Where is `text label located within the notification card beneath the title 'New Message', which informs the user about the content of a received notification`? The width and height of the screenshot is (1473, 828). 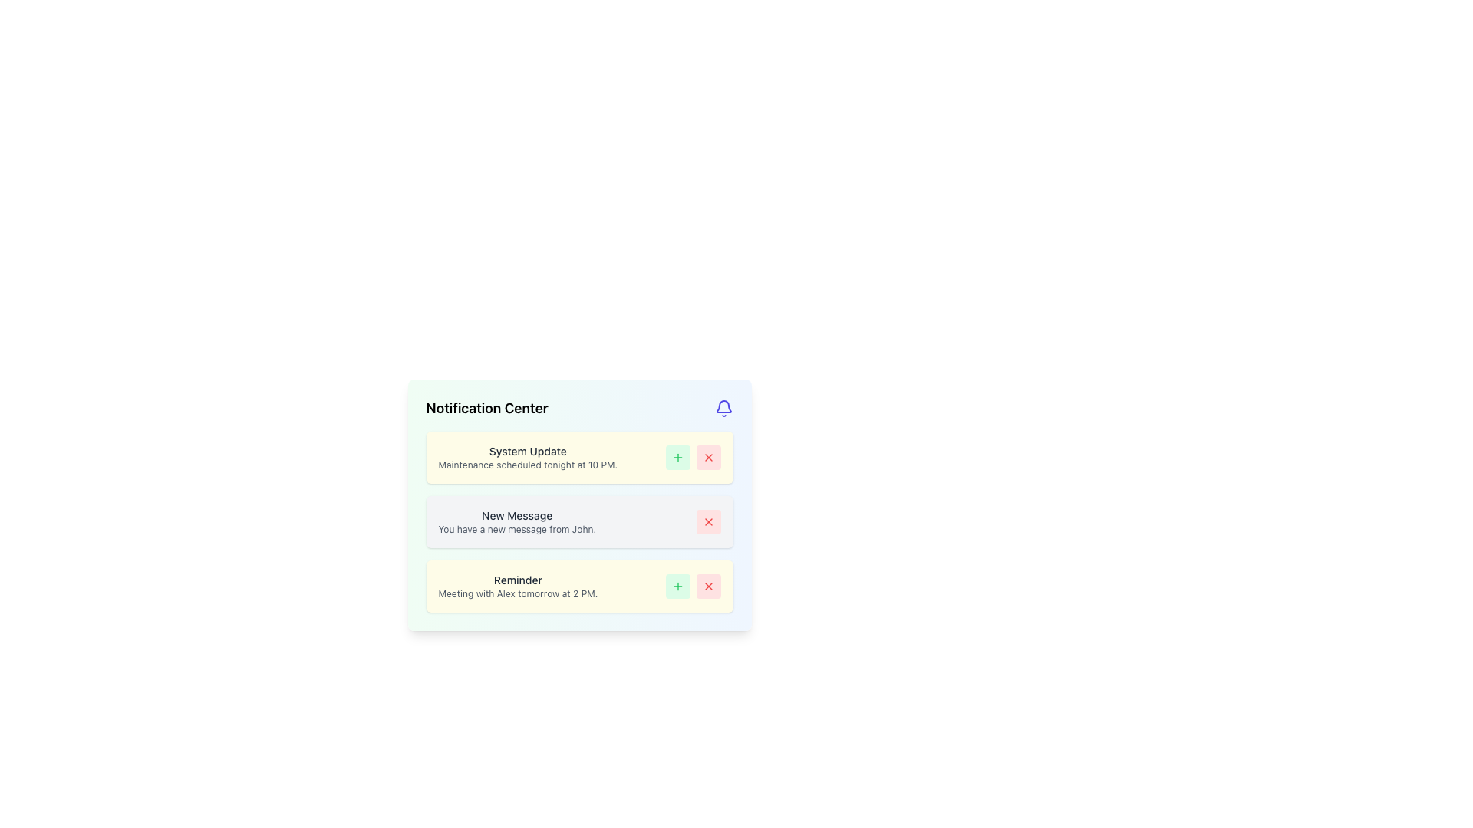
text label located within the notification card beneath the title 'New Message', which informs the user about the content of a received notification is located at coordinates (517, 528).